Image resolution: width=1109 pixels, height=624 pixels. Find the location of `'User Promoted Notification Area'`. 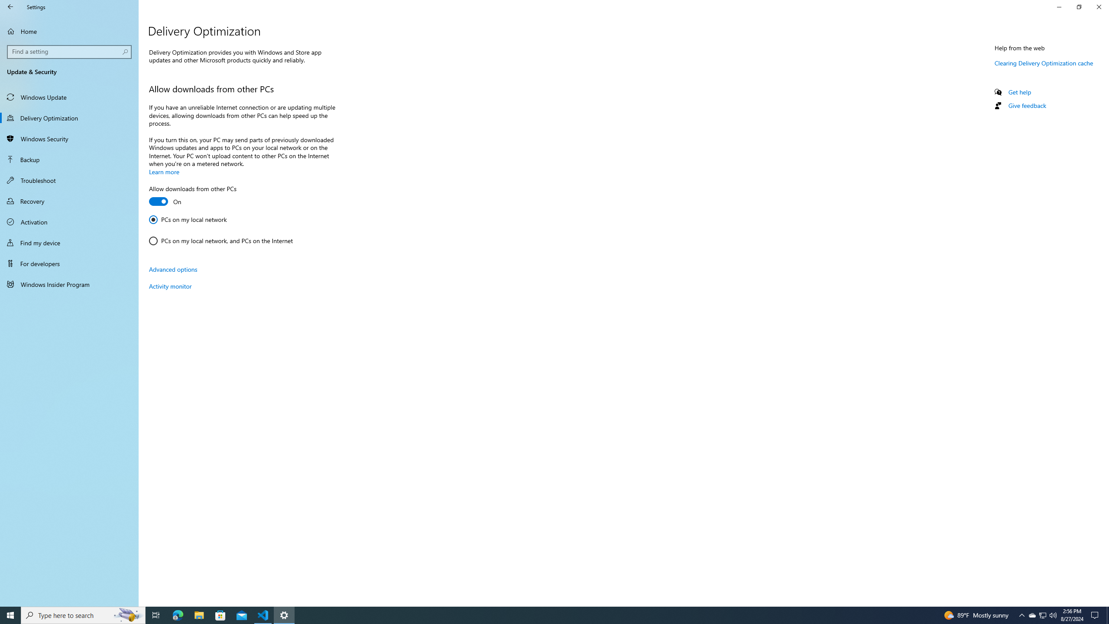

'User Promoted Notification Area' is located at coordinates (1042, 614).